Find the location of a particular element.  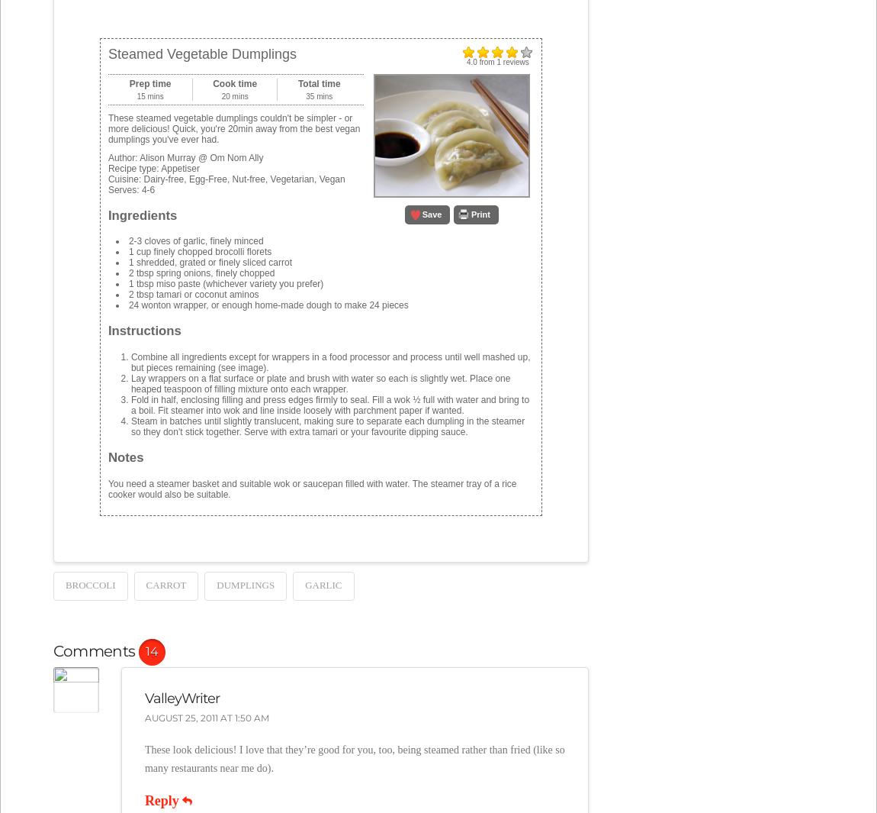

'Cook time' is located at coordinates (234, 82).